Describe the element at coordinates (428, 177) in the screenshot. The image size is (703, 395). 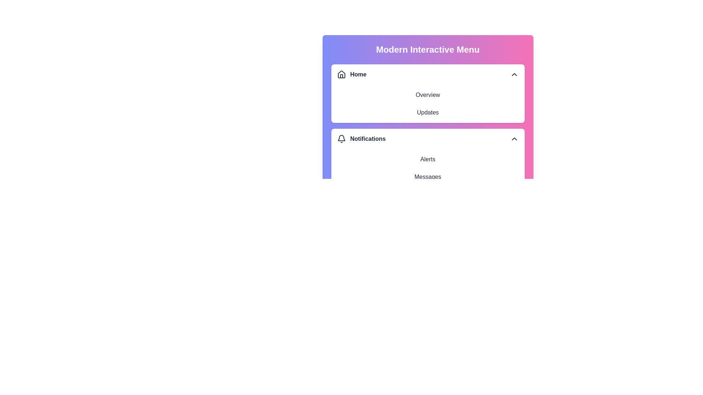
I see `the text element Messages to interact with it` at that location.